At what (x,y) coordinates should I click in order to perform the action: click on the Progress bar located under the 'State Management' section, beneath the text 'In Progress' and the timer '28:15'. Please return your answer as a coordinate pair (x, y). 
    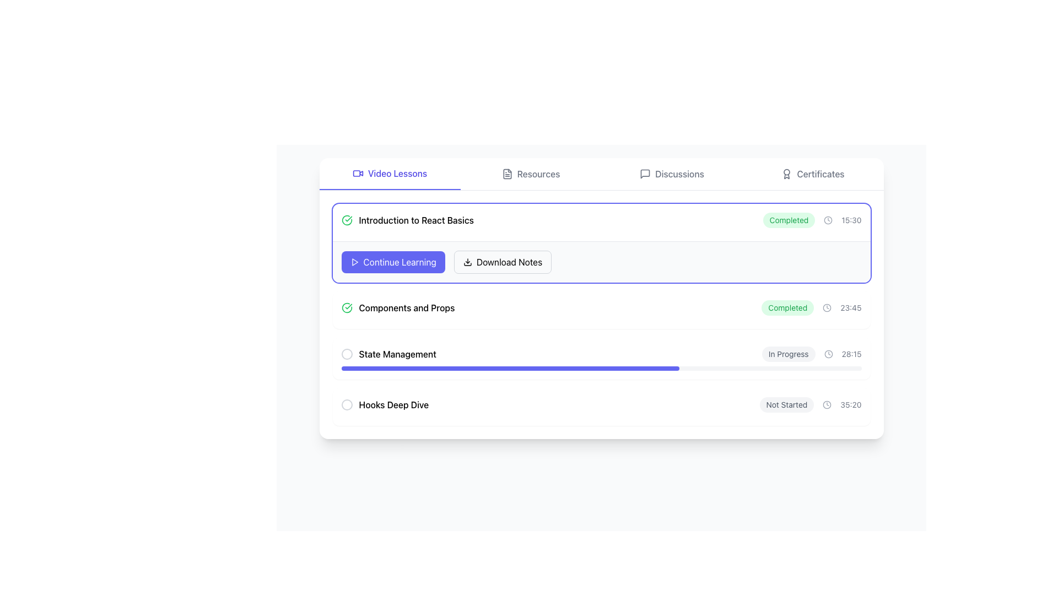
    Looking at the image, I should click on (601, 368).